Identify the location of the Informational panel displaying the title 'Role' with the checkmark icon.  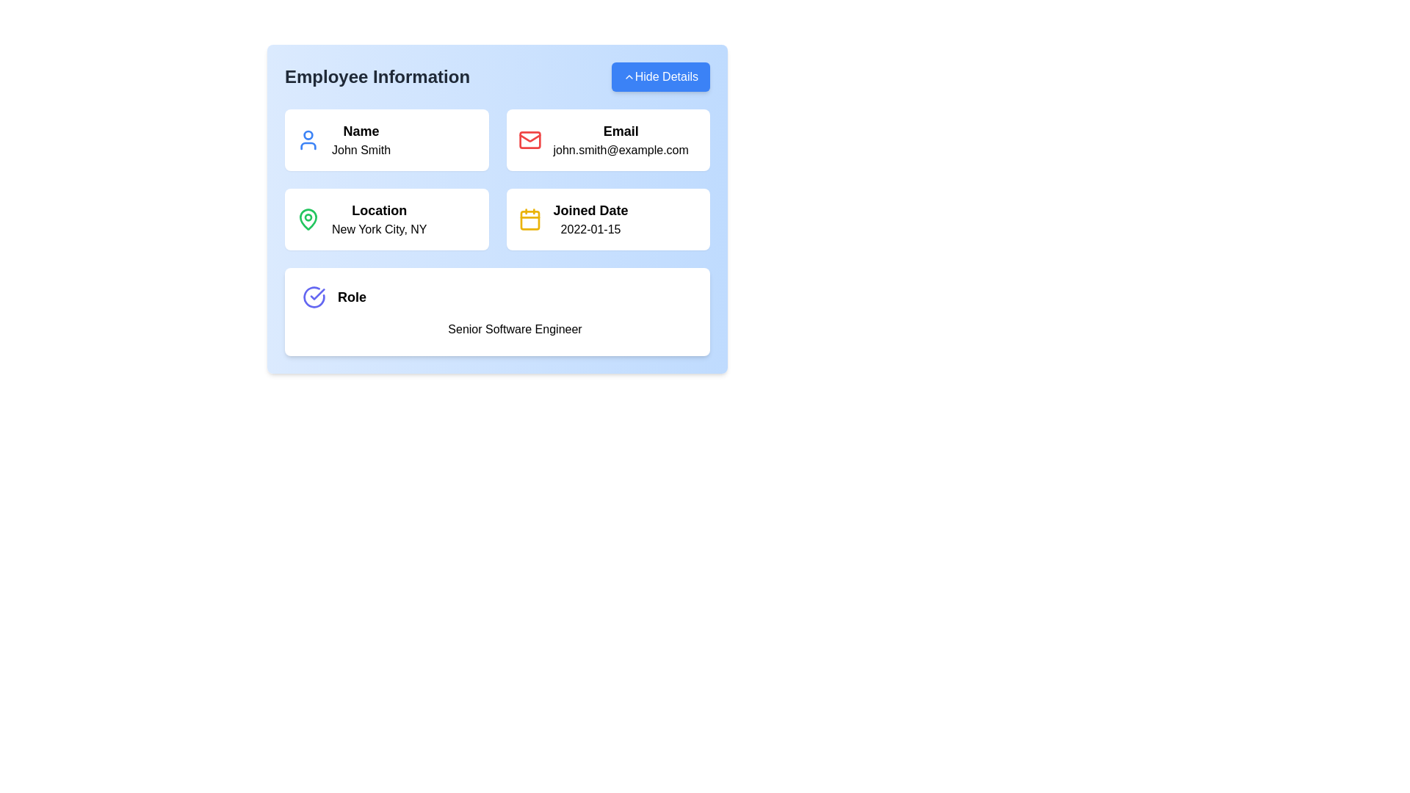
(497, 311).